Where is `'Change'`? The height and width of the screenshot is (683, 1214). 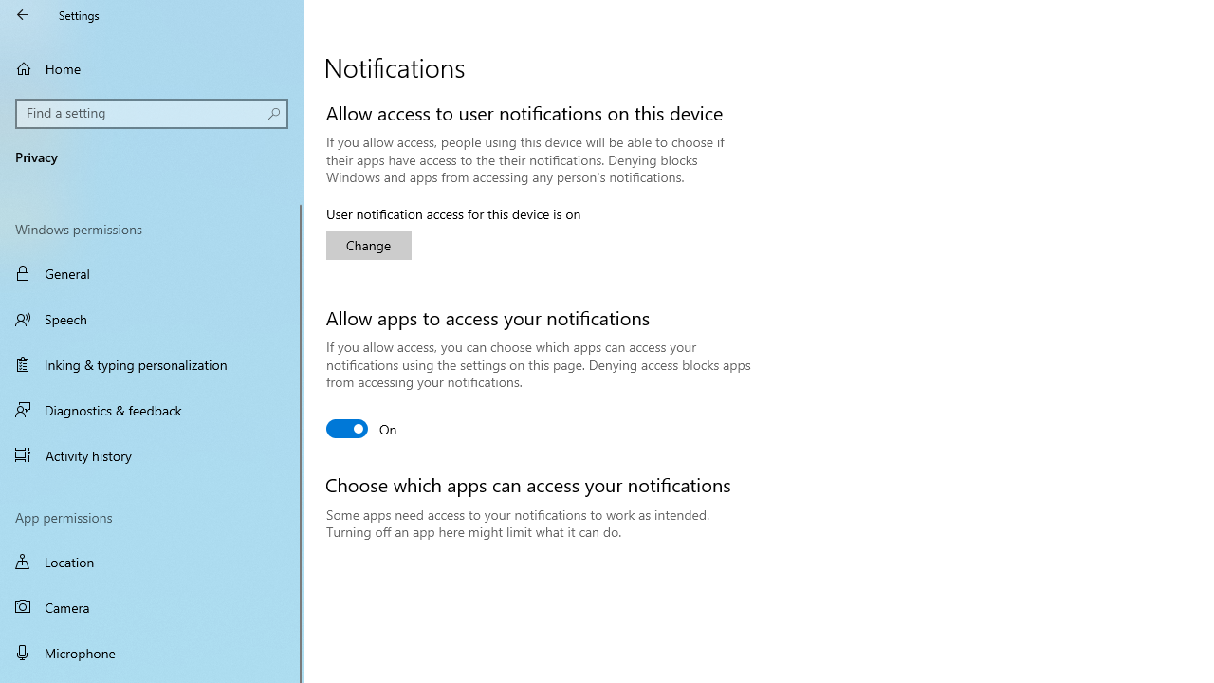
'Change' is located at coordinates (369, 244).